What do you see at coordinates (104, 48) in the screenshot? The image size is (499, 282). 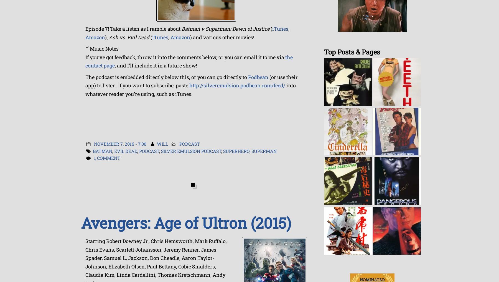 I see `'Music Notes'` at bounding box center [104, 48].